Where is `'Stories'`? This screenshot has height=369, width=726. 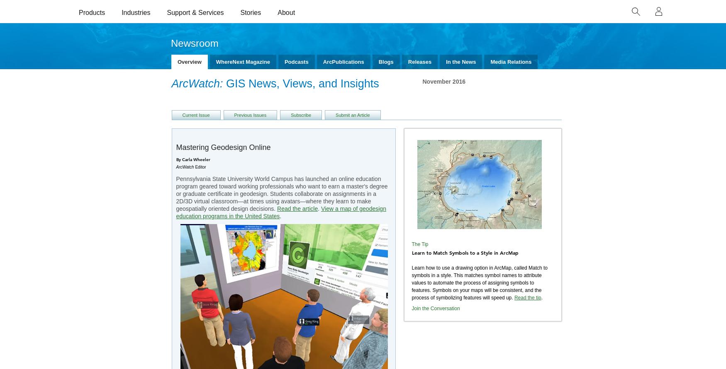 'Stories' is located at coordinates (250, 12).